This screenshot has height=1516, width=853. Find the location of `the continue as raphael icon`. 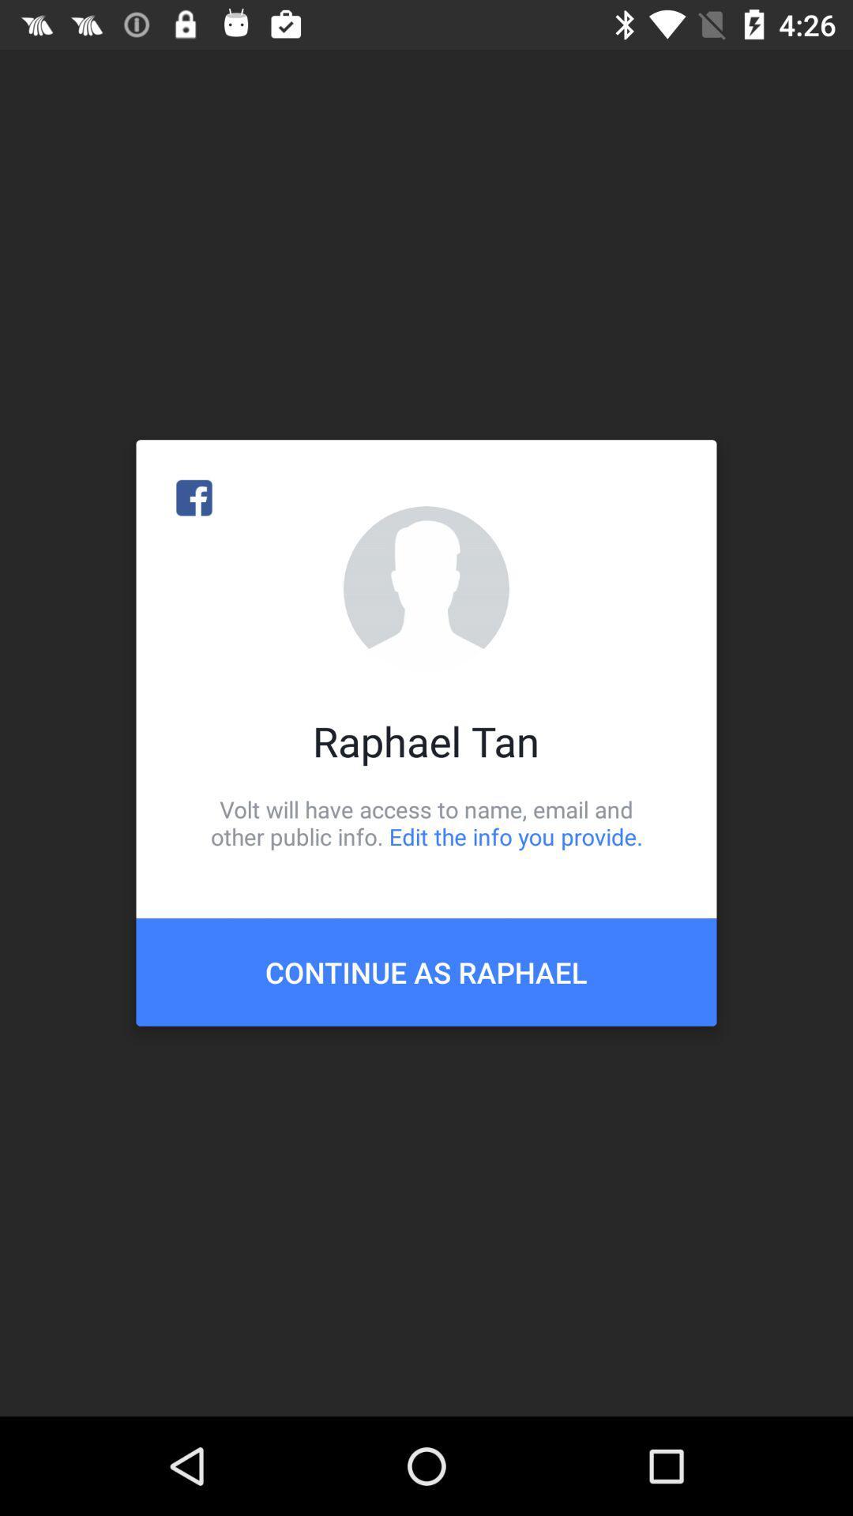

the continue as raphael icon is located at coordinates (426, 971).